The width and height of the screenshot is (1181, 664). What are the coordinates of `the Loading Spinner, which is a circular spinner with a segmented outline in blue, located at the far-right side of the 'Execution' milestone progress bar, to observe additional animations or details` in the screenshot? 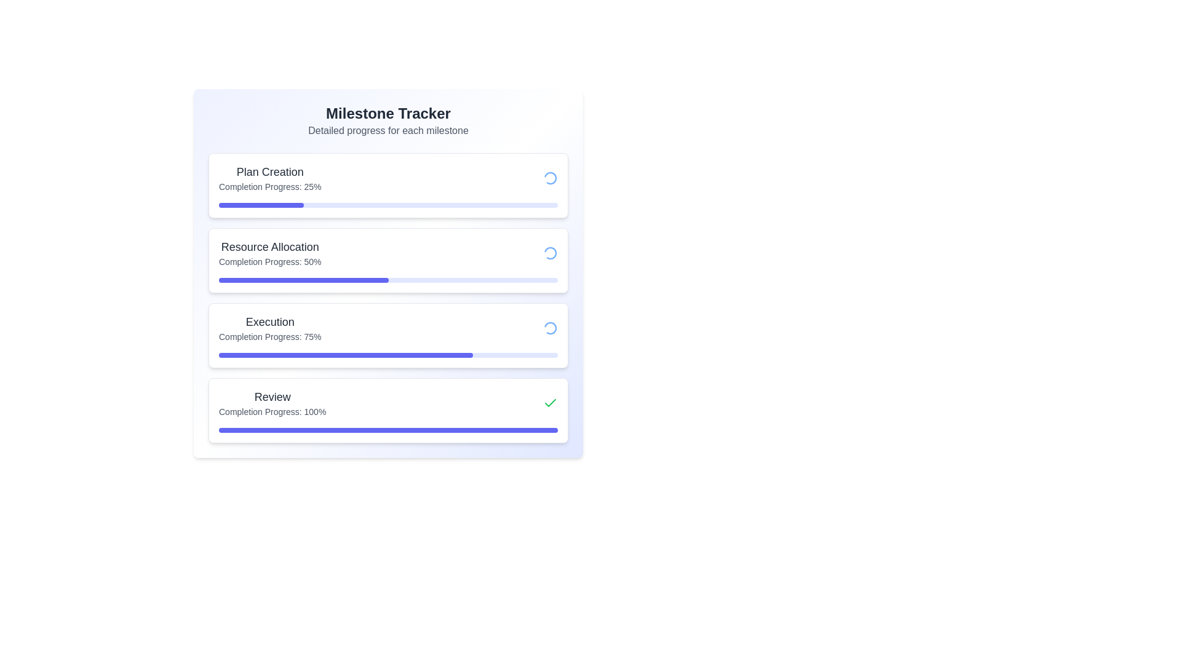 It's located at (549, 327).